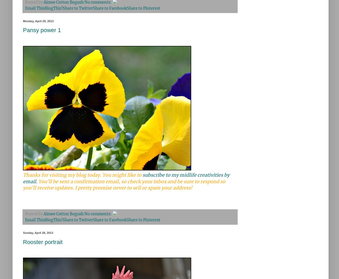  I want to click on 'Rooster portrait', so click(42, 241).